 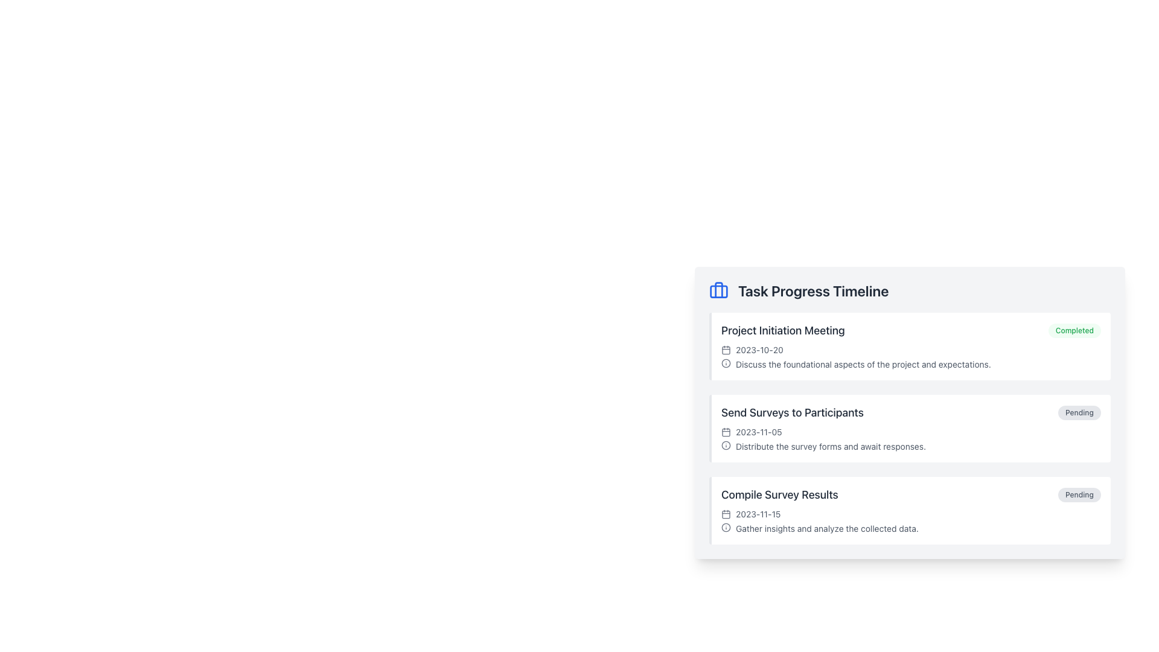 What do you see at coordinates (1079, 495) in the screenshot?
I see `the status indicator label in the lower-right section of the 'Compile Survey Results' task entry to interact or view more details if enabled` at bounding box center [1079, 495].